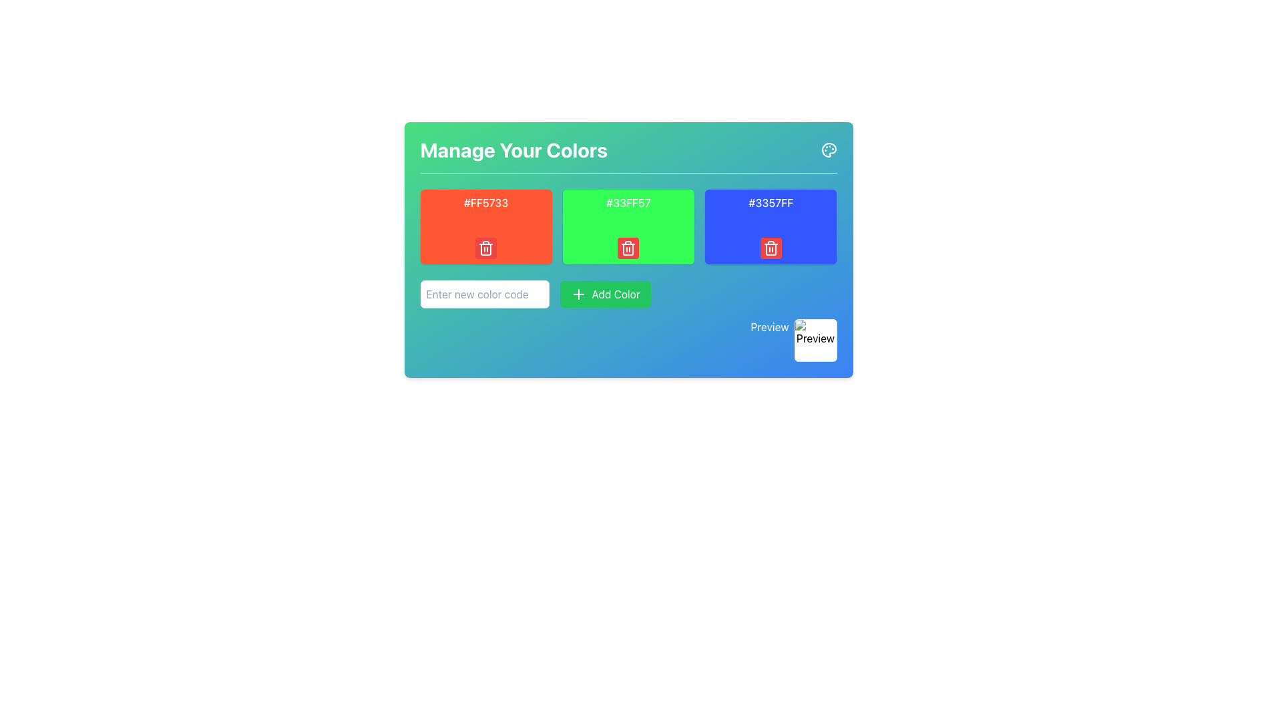  What do you see at coordinates (771, 226) in the screenshot?
I see `the third card` at bounding box center [771, 226].